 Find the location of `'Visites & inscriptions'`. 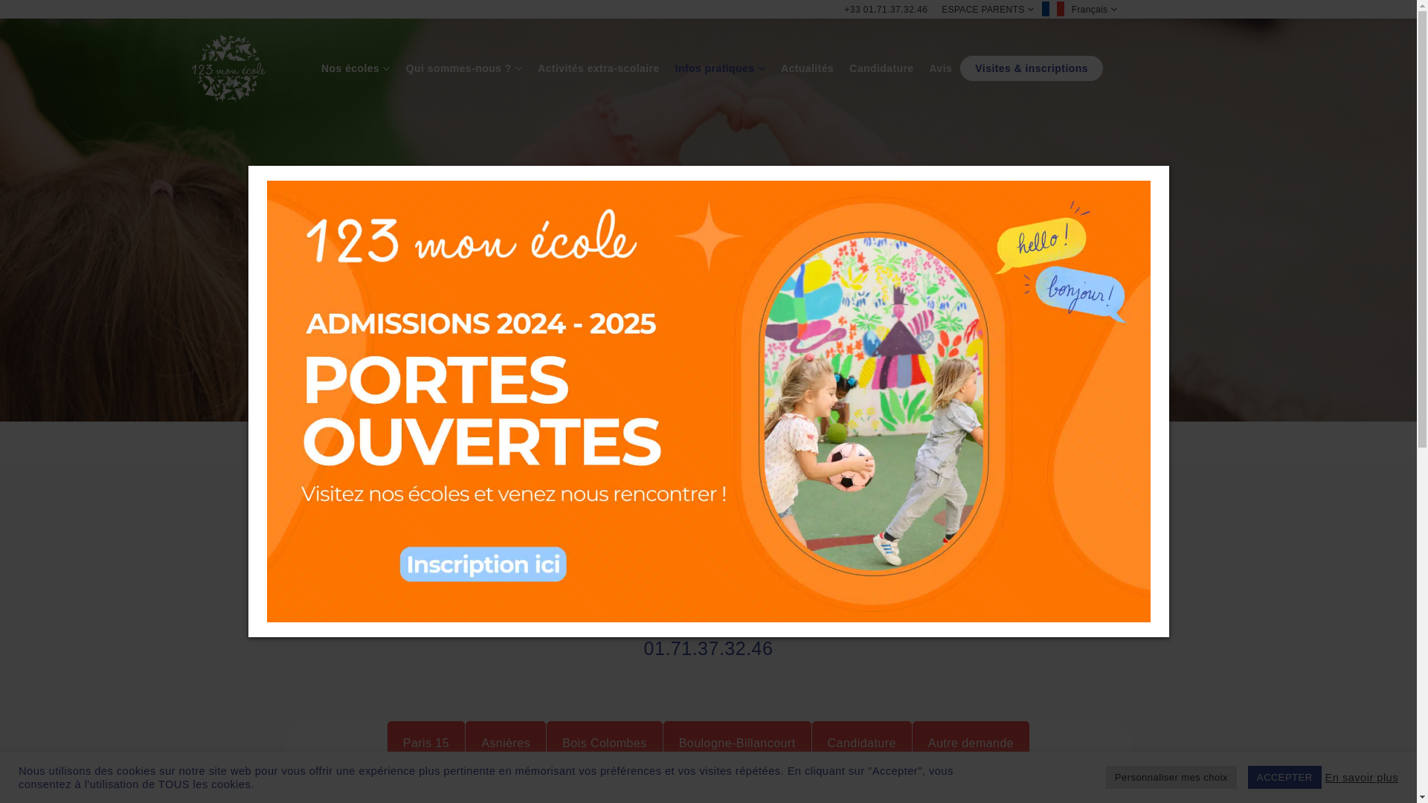

'Visites & inscriptions' is located at coordinates (1031, 68).